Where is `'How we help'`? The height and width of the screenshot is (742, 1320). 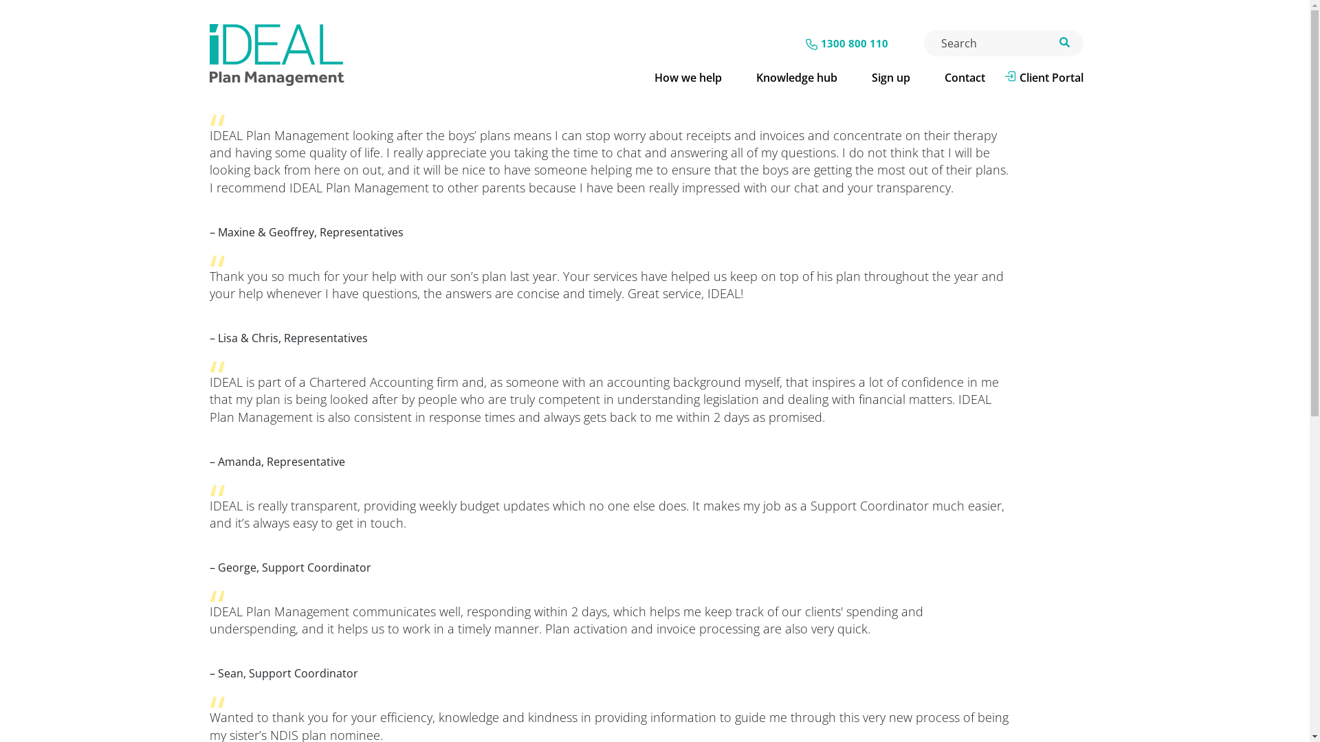 'How we help' is located at coordinates (687, 77).